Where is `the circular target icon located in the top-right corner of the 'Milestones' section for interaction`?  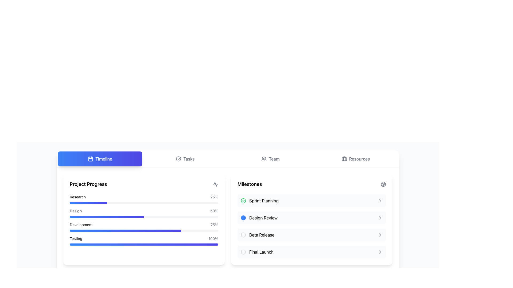 the circular target icon located in the top-right corner of the 'Milestones' section for interaction is located at coordinates (383, 184).